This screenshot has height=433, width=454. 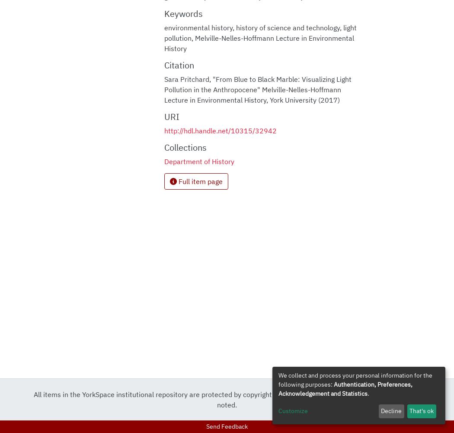 I want to click on 'history of science and technology', so click(x=287, y=27).